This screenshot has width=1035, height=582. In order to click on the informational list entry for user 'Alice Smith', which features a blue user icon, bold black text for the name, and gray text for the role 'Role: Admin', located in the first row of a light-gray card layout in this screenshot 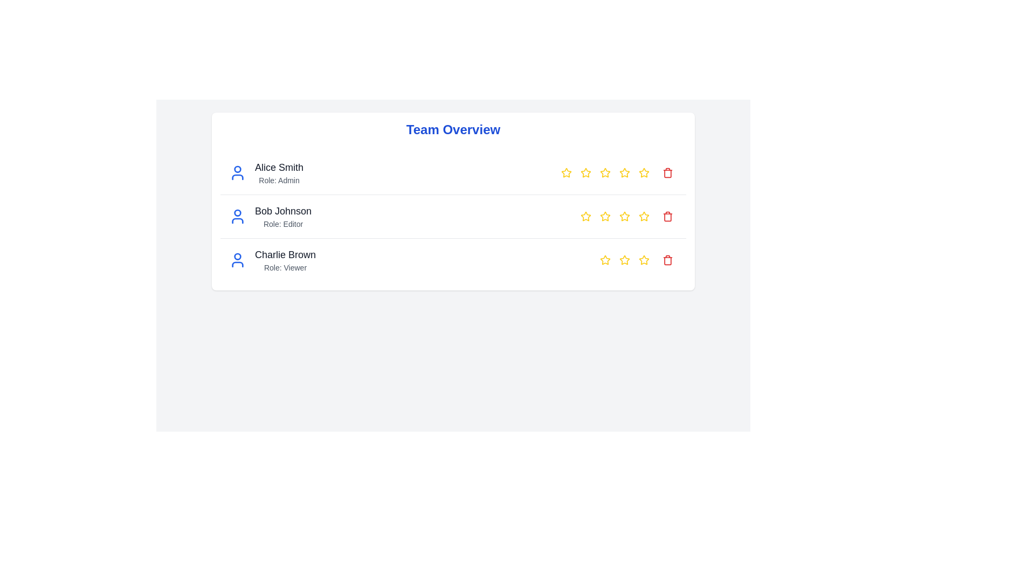, I will do `click(266, 172)`.